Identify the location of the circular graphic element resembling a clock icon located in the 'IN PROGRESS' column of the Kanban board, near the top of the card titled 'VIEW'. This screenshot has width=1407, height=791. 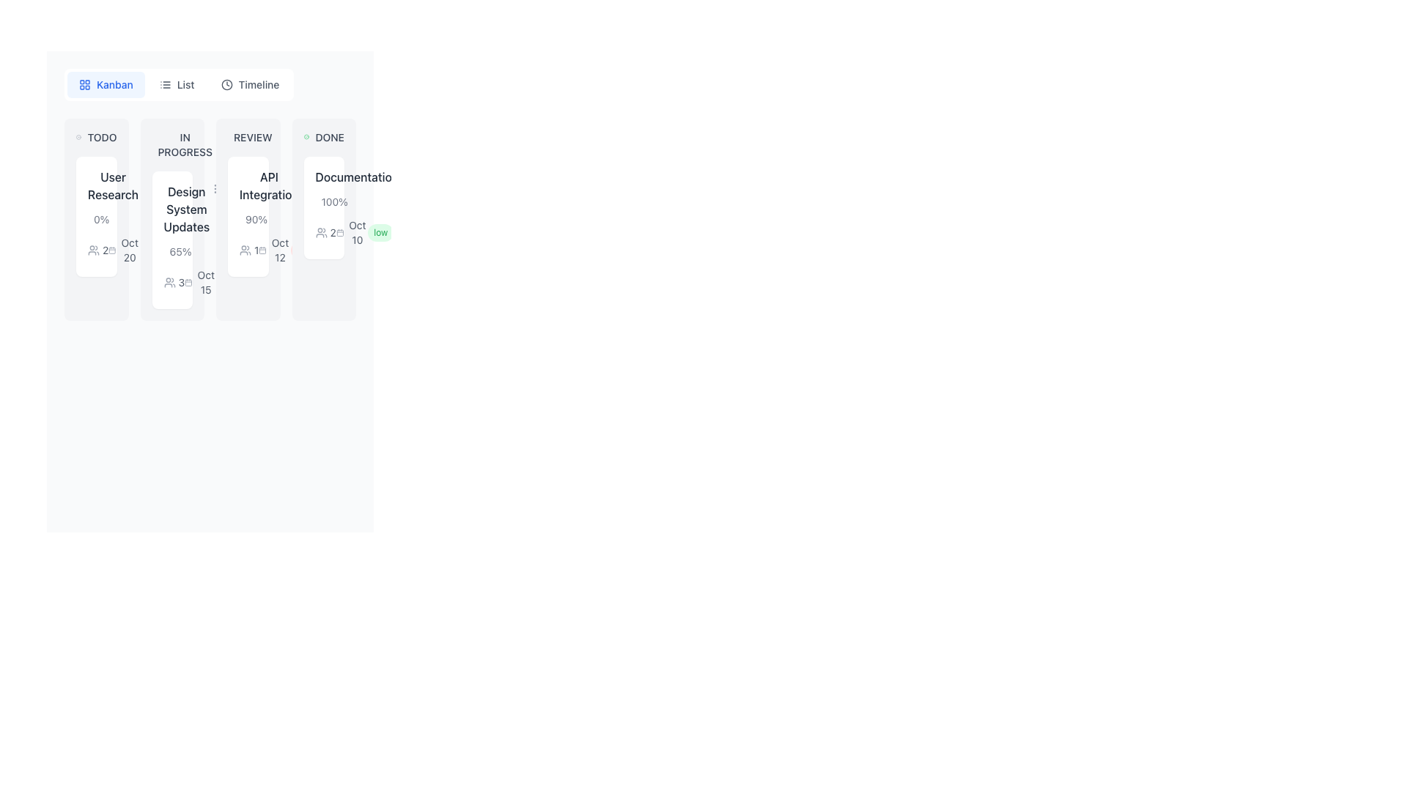
(236, 141).